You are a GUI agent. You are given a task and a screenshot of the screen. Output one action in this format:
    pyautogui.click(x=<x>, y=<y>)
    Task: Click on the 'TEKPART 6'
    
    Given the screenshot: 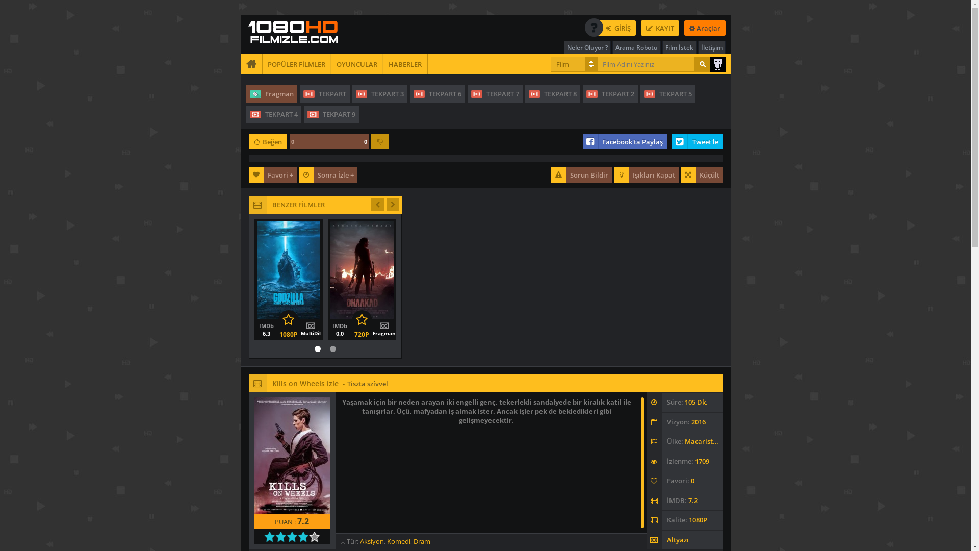 What is the action you would take?
    pyautogui.click(x=437, y=94)
    